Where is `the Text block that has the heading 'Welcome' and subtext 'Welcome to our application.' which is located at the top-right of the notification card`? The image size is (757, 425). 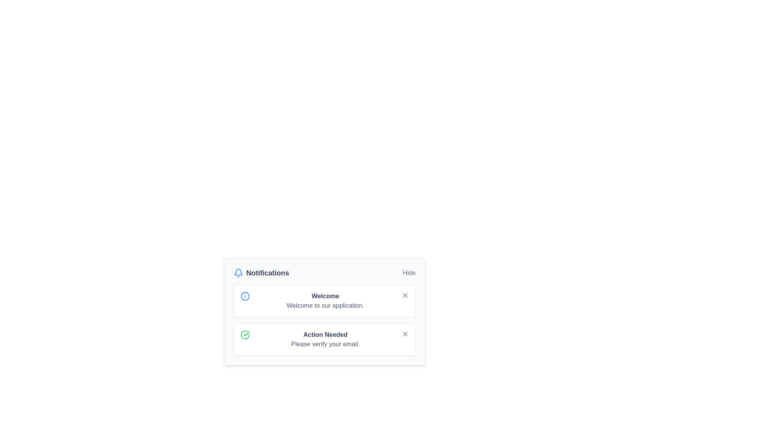
the Text block that has the heading 'Welcome' and subtext 'Welcome to our application.' which is located at the top-right of the notification card is located at coordinates (325, 301).